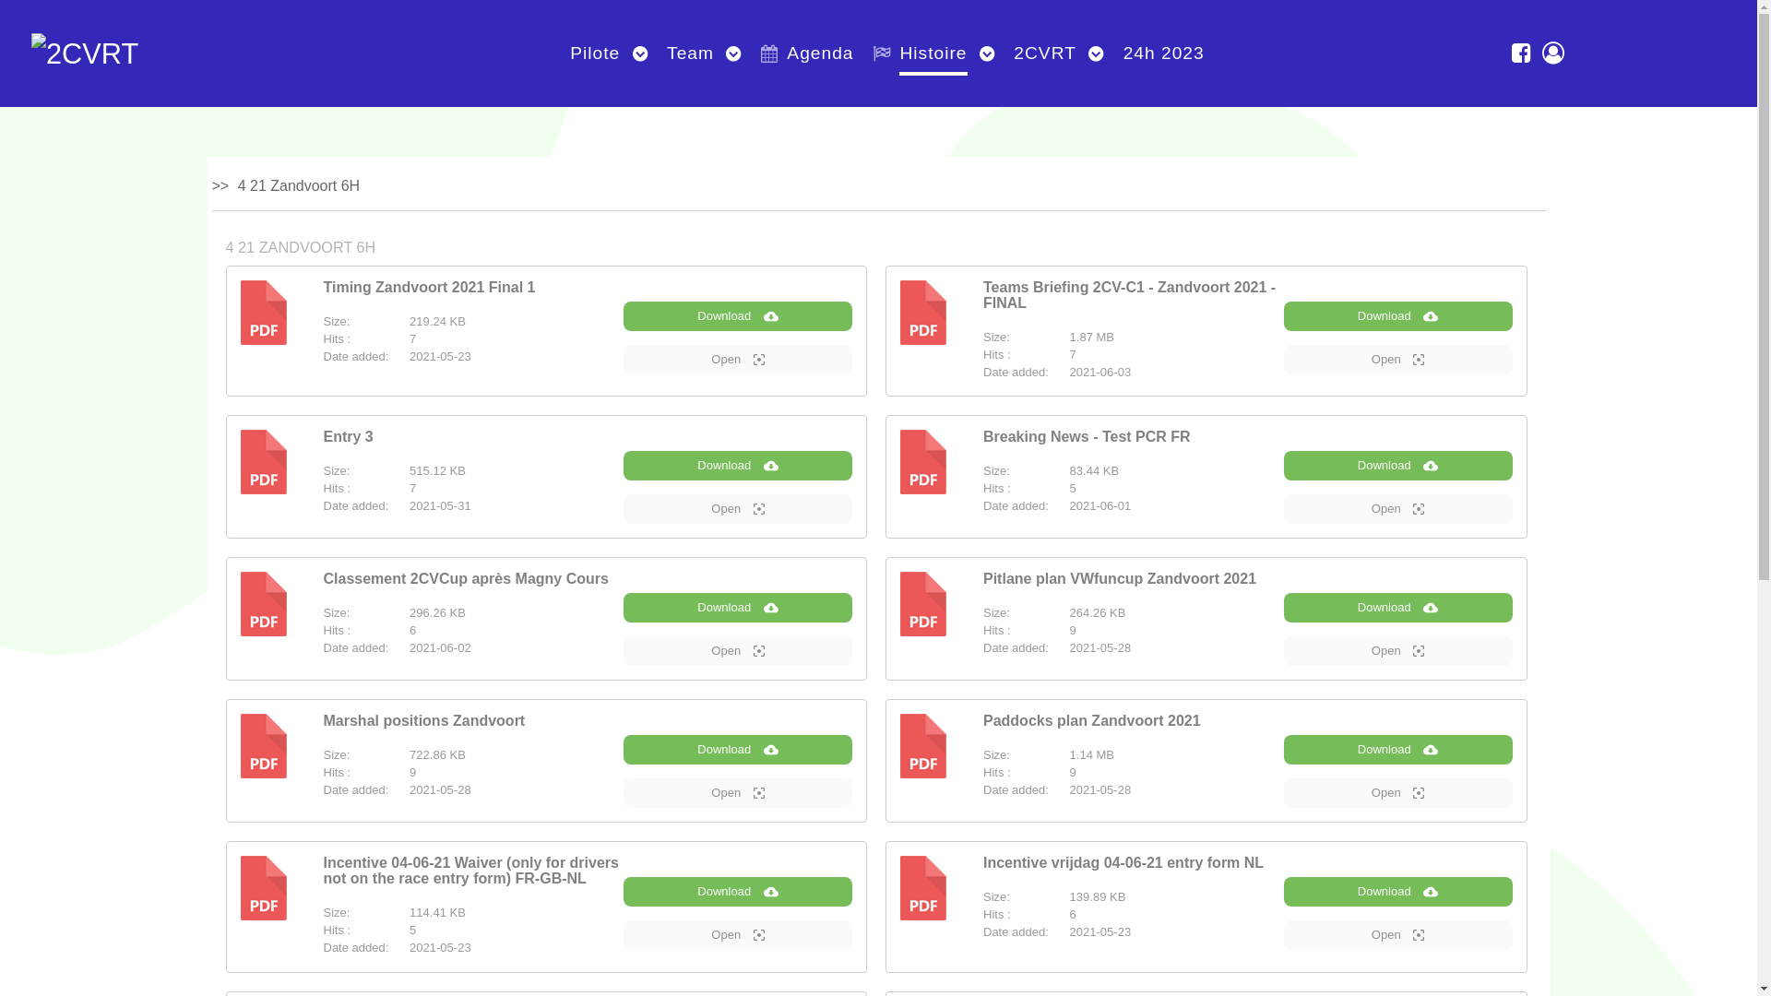 This screenshot has width=1771, height=996. Describe the element at coordinates (1087, 436) in the screenshot. I see `'Breaking News - Test PCR FR'` at that location.